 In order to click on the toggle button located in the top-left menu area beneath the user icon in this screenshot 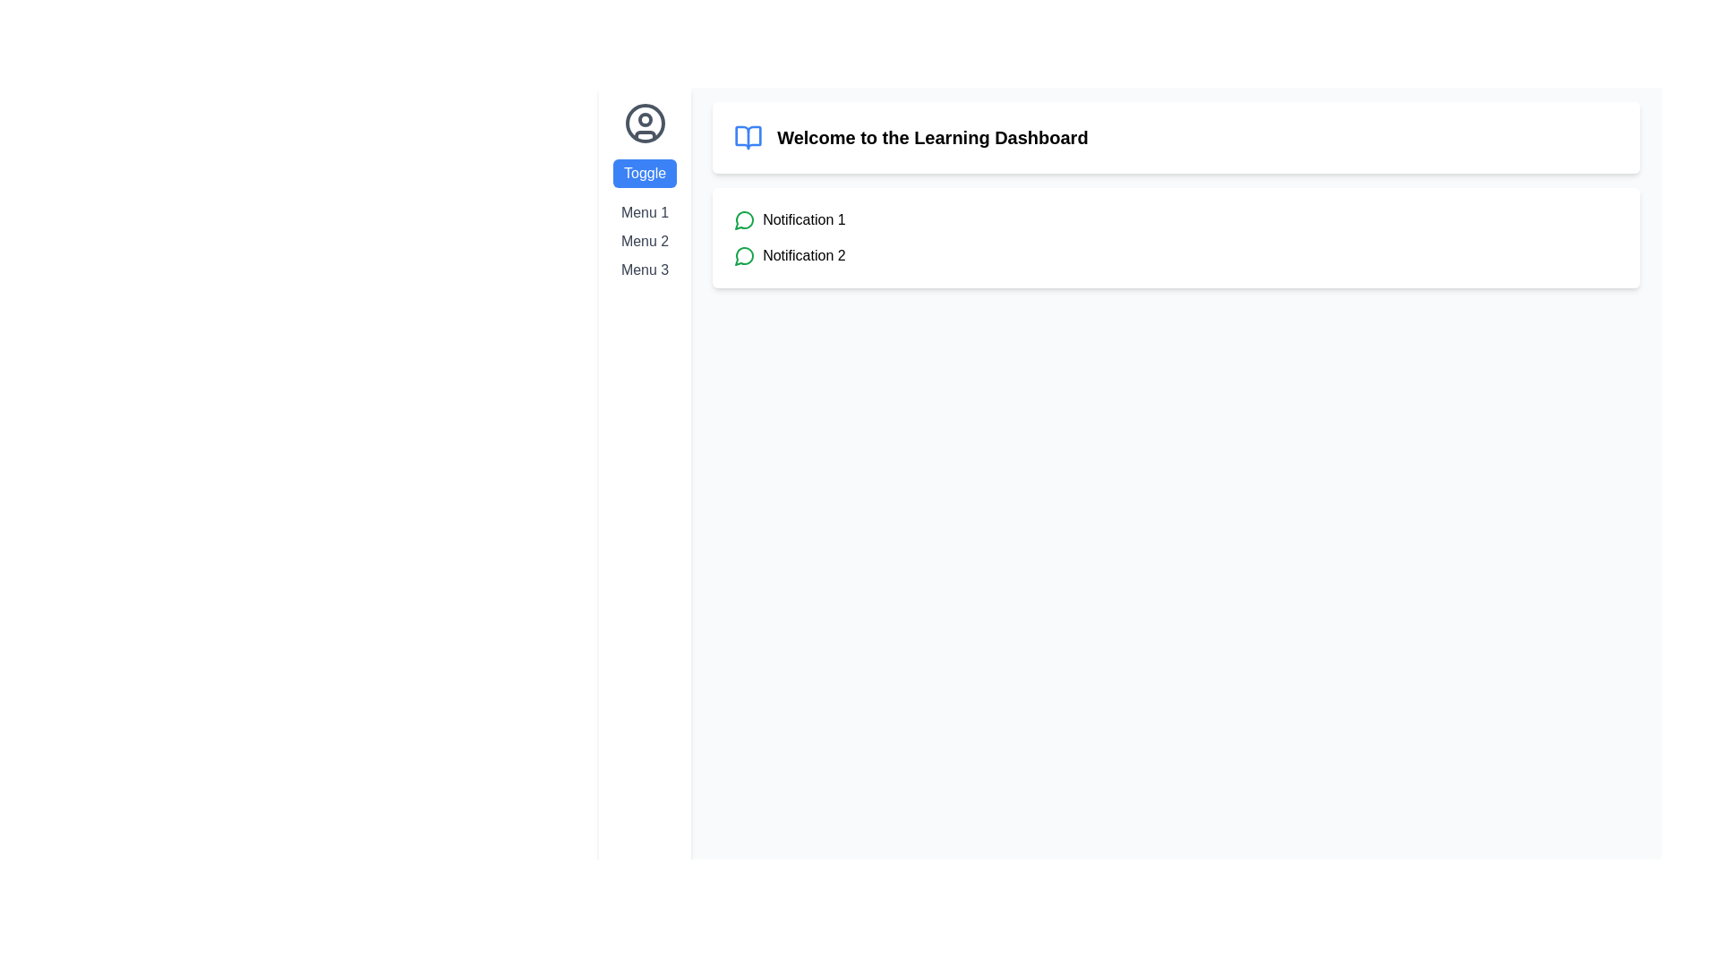, I will do `click(645, 173)`.